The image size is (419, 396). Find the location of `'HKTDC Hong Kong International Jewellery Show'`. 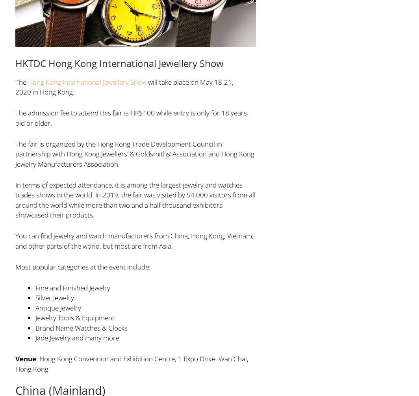

'HKTDC Hong Kong International Jewellery Show' is located at coordinates (119, 63).